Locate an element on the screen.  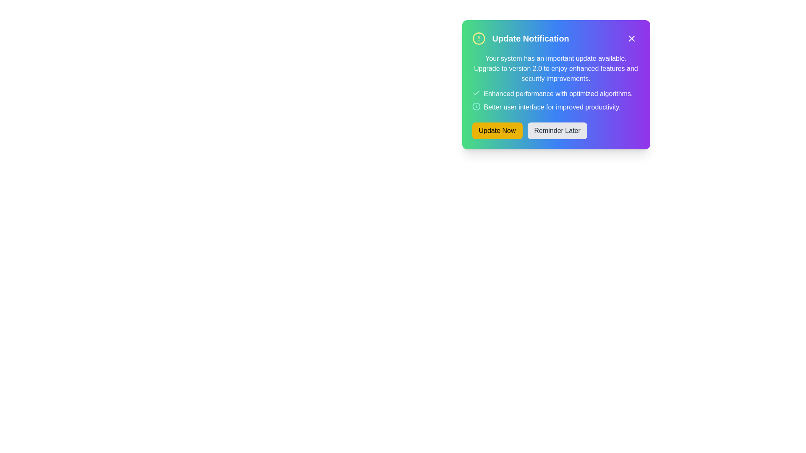
the close icon button located at the upper-right corner of the notification card is located at coordinates (631, 39).